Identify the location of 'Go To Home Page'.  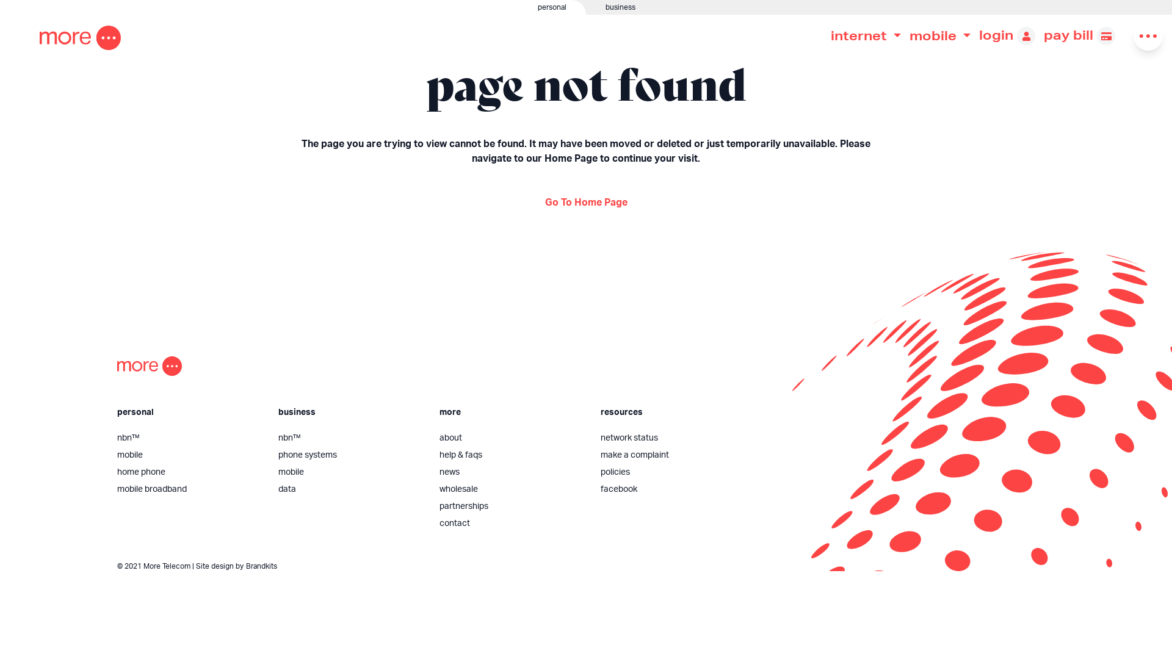
(585, 201).